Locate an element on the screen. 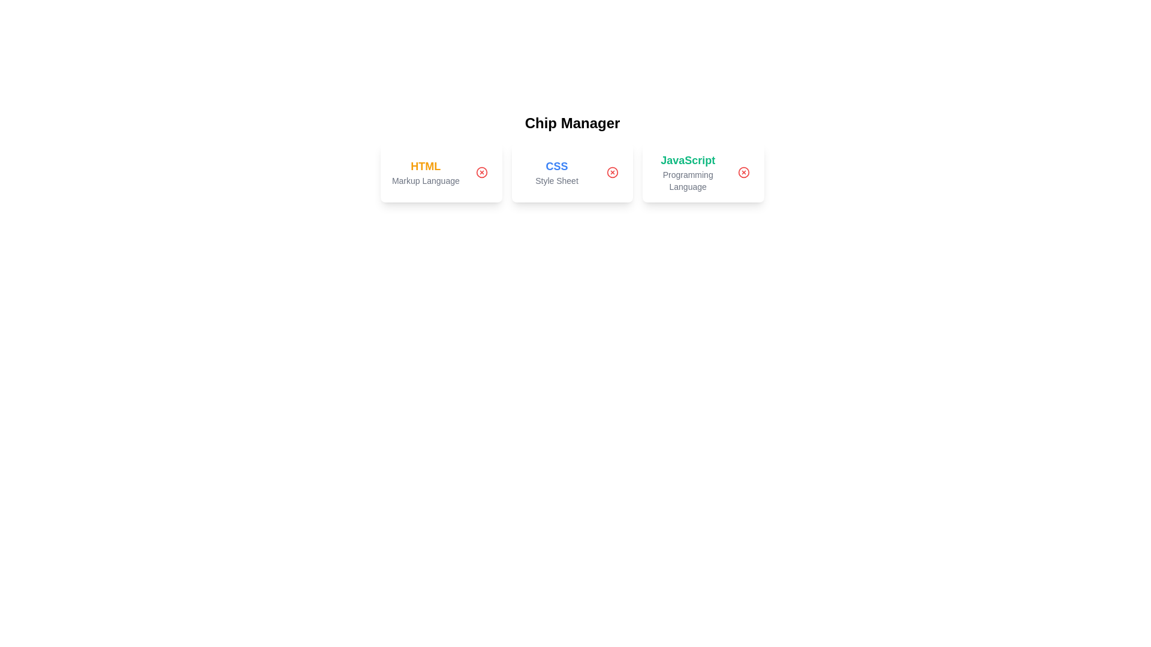 This screenshot has height=647, width=1151. the delete button of the chip labeled CSS is located at coordinates (613, 173).